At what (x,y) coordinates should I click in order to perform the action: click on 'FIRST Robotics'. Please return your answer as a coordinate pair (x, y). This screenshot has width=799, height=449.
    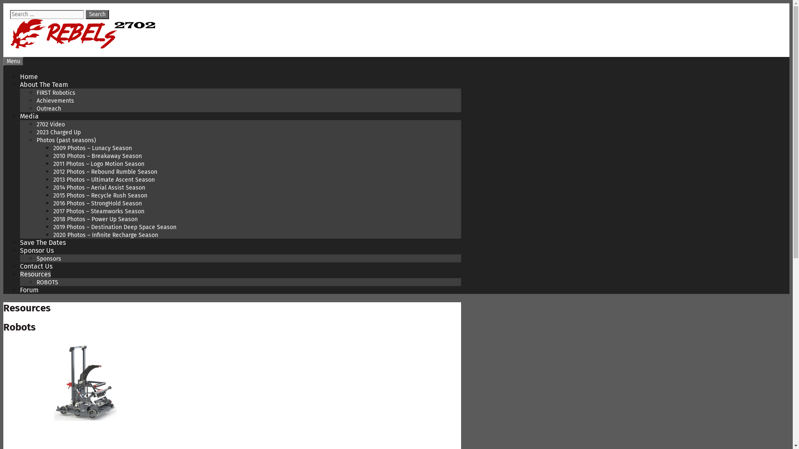
    Looking at the image, I should click on (55, 93).